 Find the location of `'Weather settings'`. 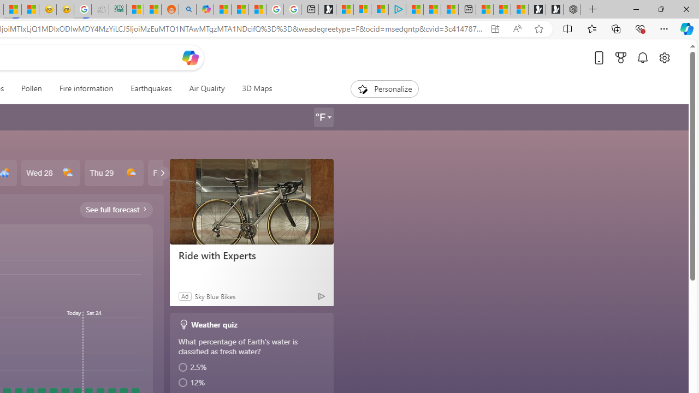

'Weather settings' is located at coordinates (323, 117).